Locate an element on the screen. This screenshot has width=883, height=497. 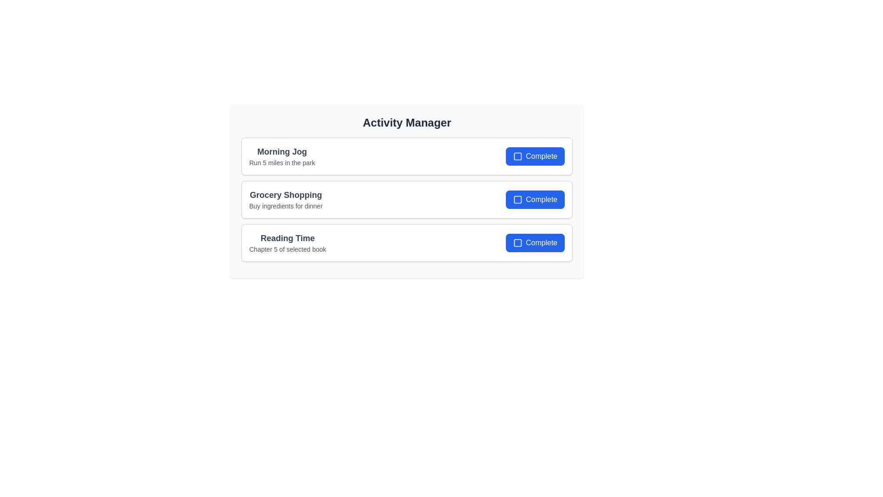
the button with a blue background and white text that says 'Complete' to mark the activity as complete is located at coordinates (535, 243).